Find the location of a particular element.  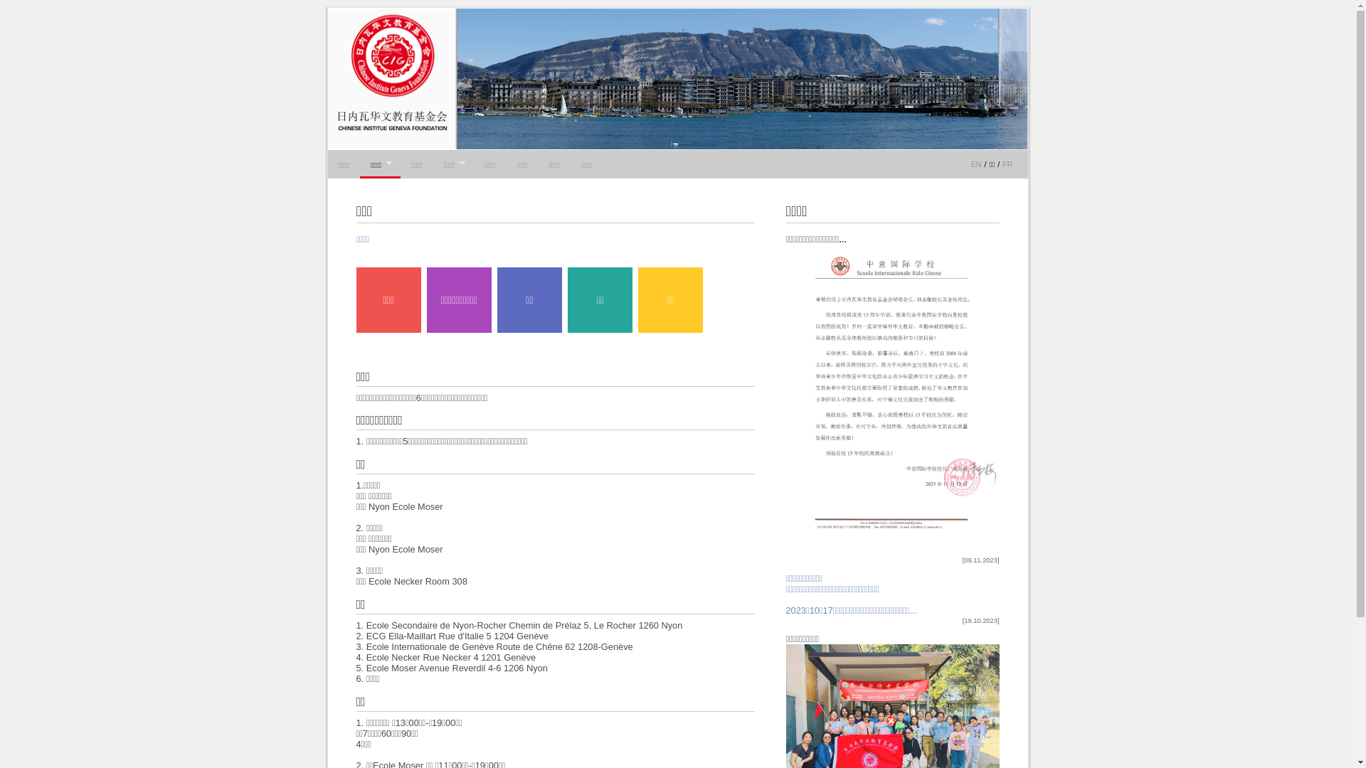

'EN' is located at coordinates (970, 164).